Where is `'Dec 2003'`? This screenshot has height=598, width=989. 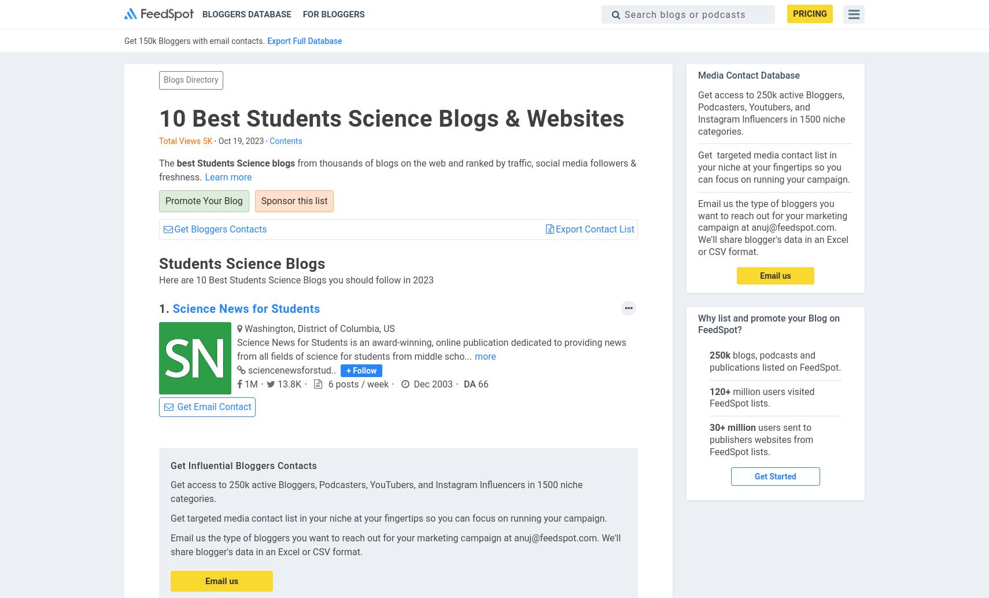 'Dec 2003' is located at coordinates (433, 384).